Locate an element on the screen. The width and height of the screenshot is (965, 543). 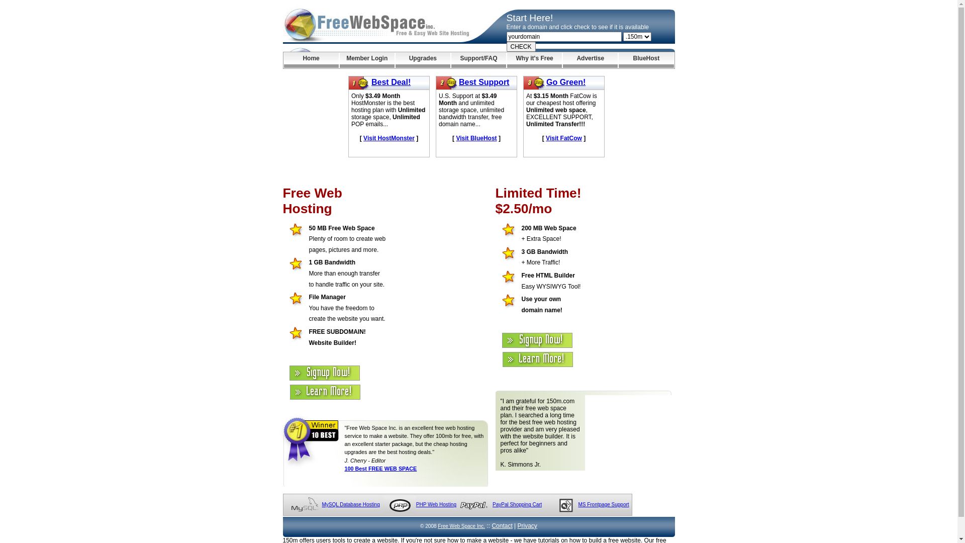
'CHECK' is located at coordinates (521, 46).